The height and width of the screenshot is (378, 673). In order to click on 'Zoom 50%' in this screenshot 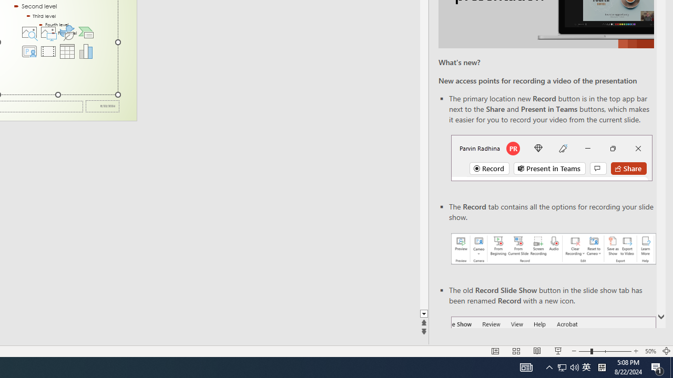, I will do `click(650, 351)`.